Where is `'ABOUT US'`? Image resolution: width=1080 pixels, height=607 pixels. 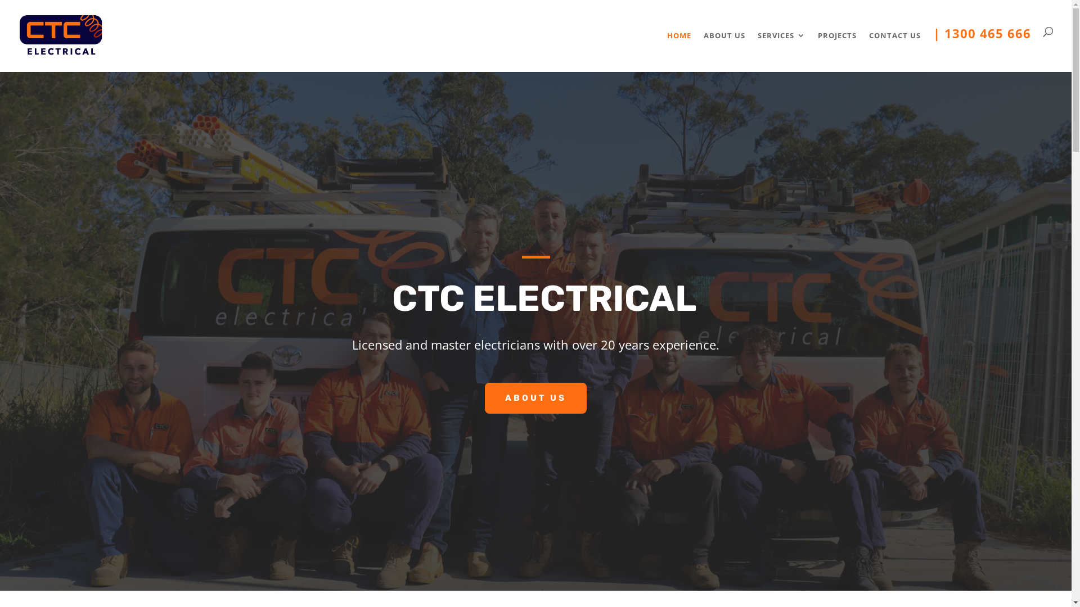 'ABOUT US' is located at coordinates (724, 48).